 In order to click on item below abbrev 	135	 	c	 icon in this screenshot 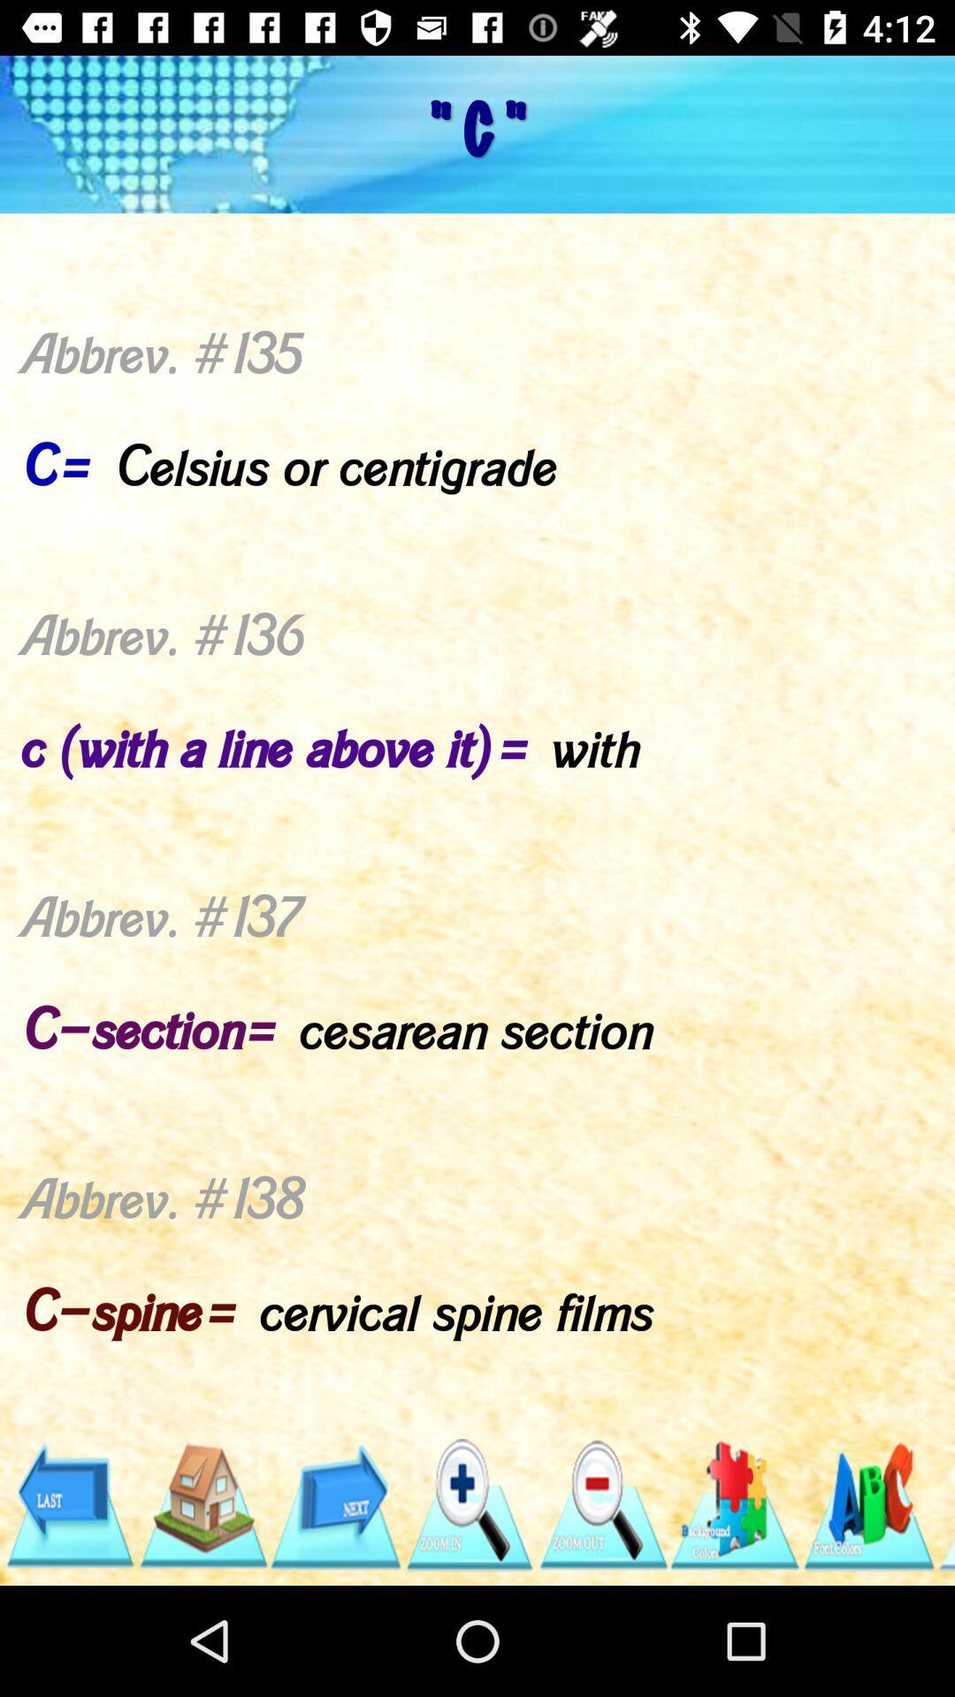, I will do `click(202, 1504)`.